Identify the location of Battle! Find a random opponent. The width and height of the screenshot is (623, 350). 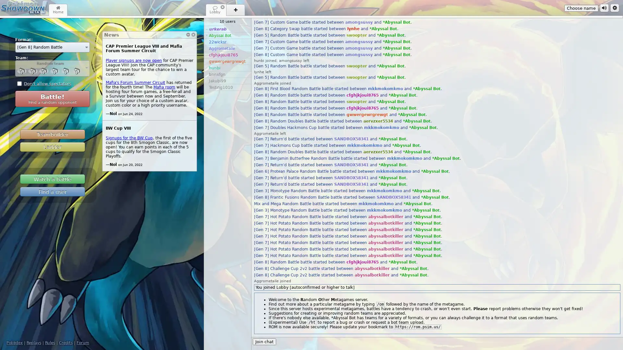
(53, 99).